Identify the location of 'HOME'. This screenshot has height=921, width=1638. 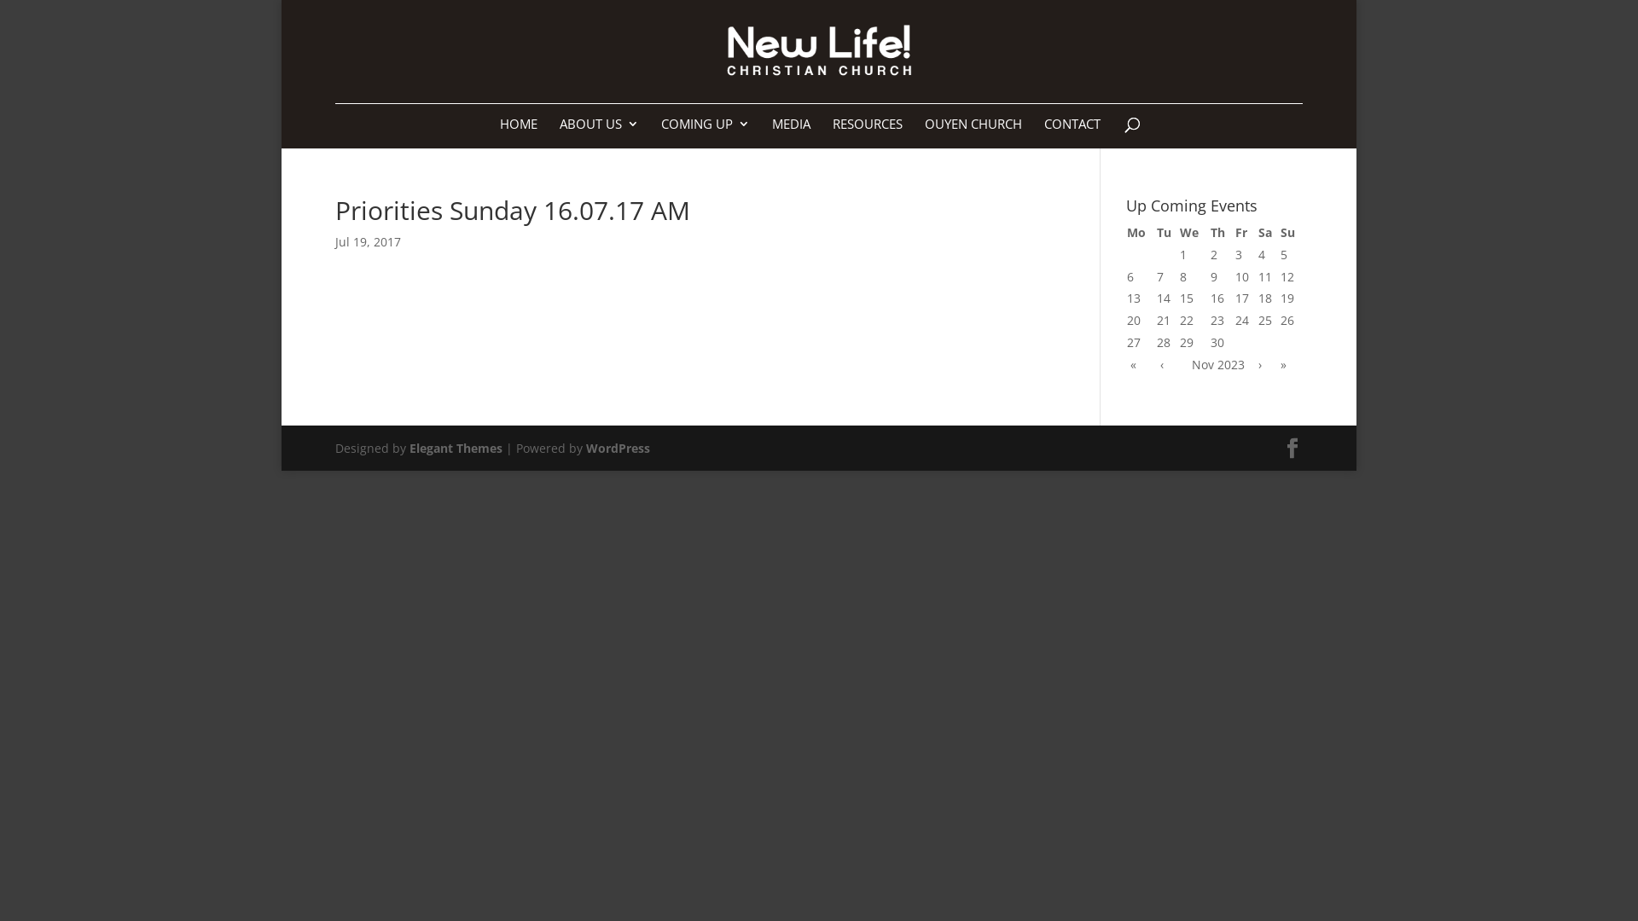
(518, 131).